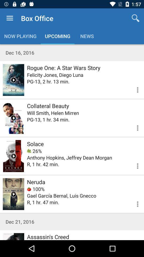 The width and height of the screenshot is (144, 257). I want to click on more information, so click(134, 127).